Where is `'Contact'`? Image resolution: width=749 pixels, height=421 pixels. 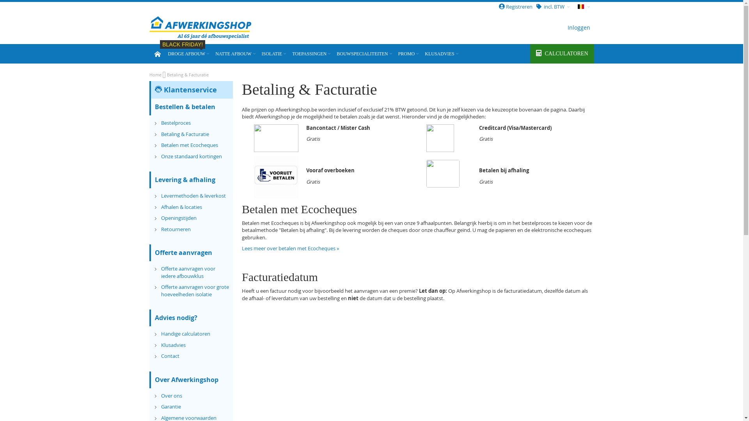 'Contact' is located at coordinates (169, 356).